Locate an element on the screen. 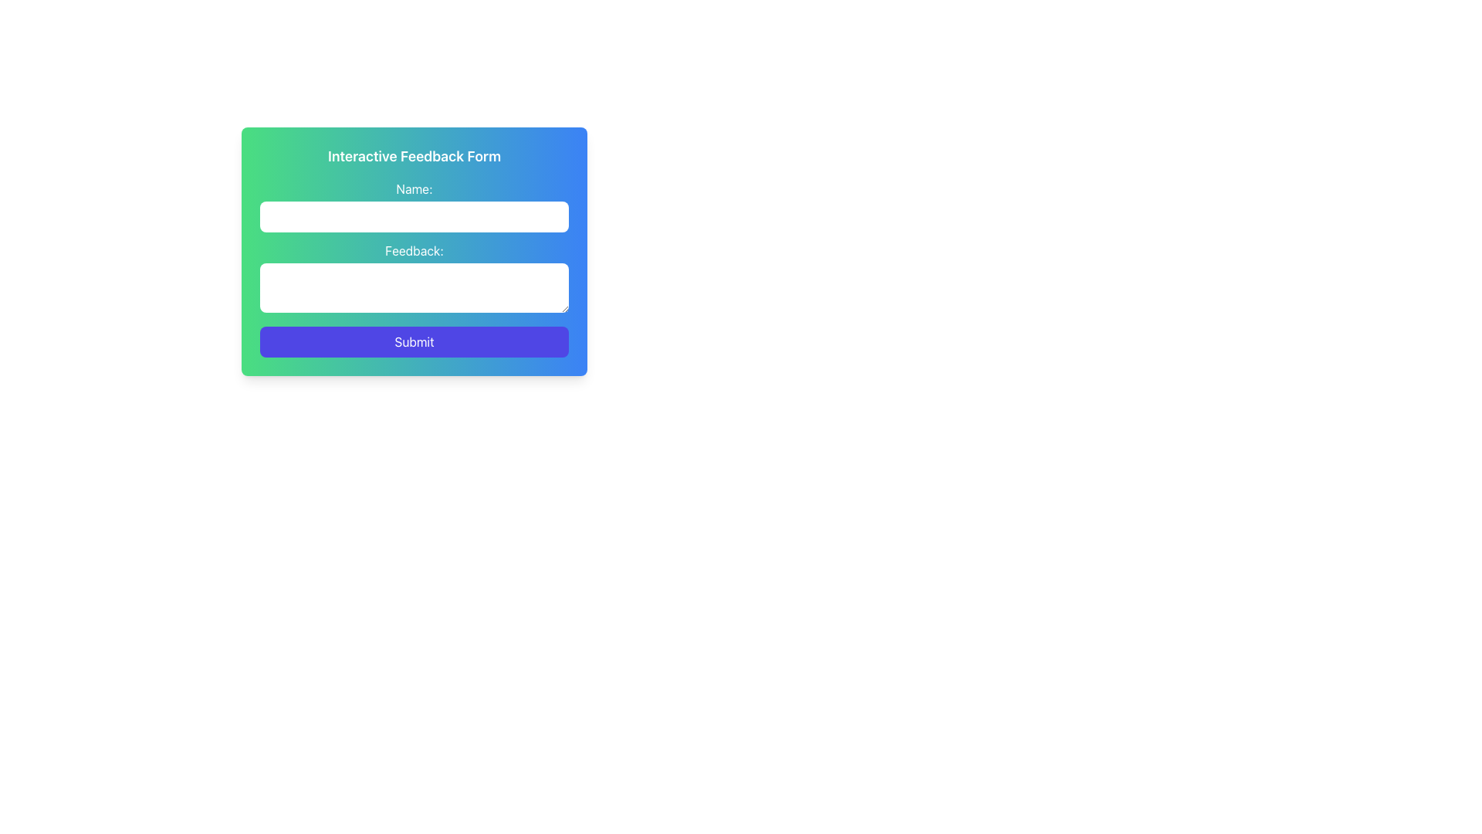 Image resolution: width=1482 pixels, height=834 pixels. the 'Submit' button with a violet background and white text is located at coordinates (414, 341).